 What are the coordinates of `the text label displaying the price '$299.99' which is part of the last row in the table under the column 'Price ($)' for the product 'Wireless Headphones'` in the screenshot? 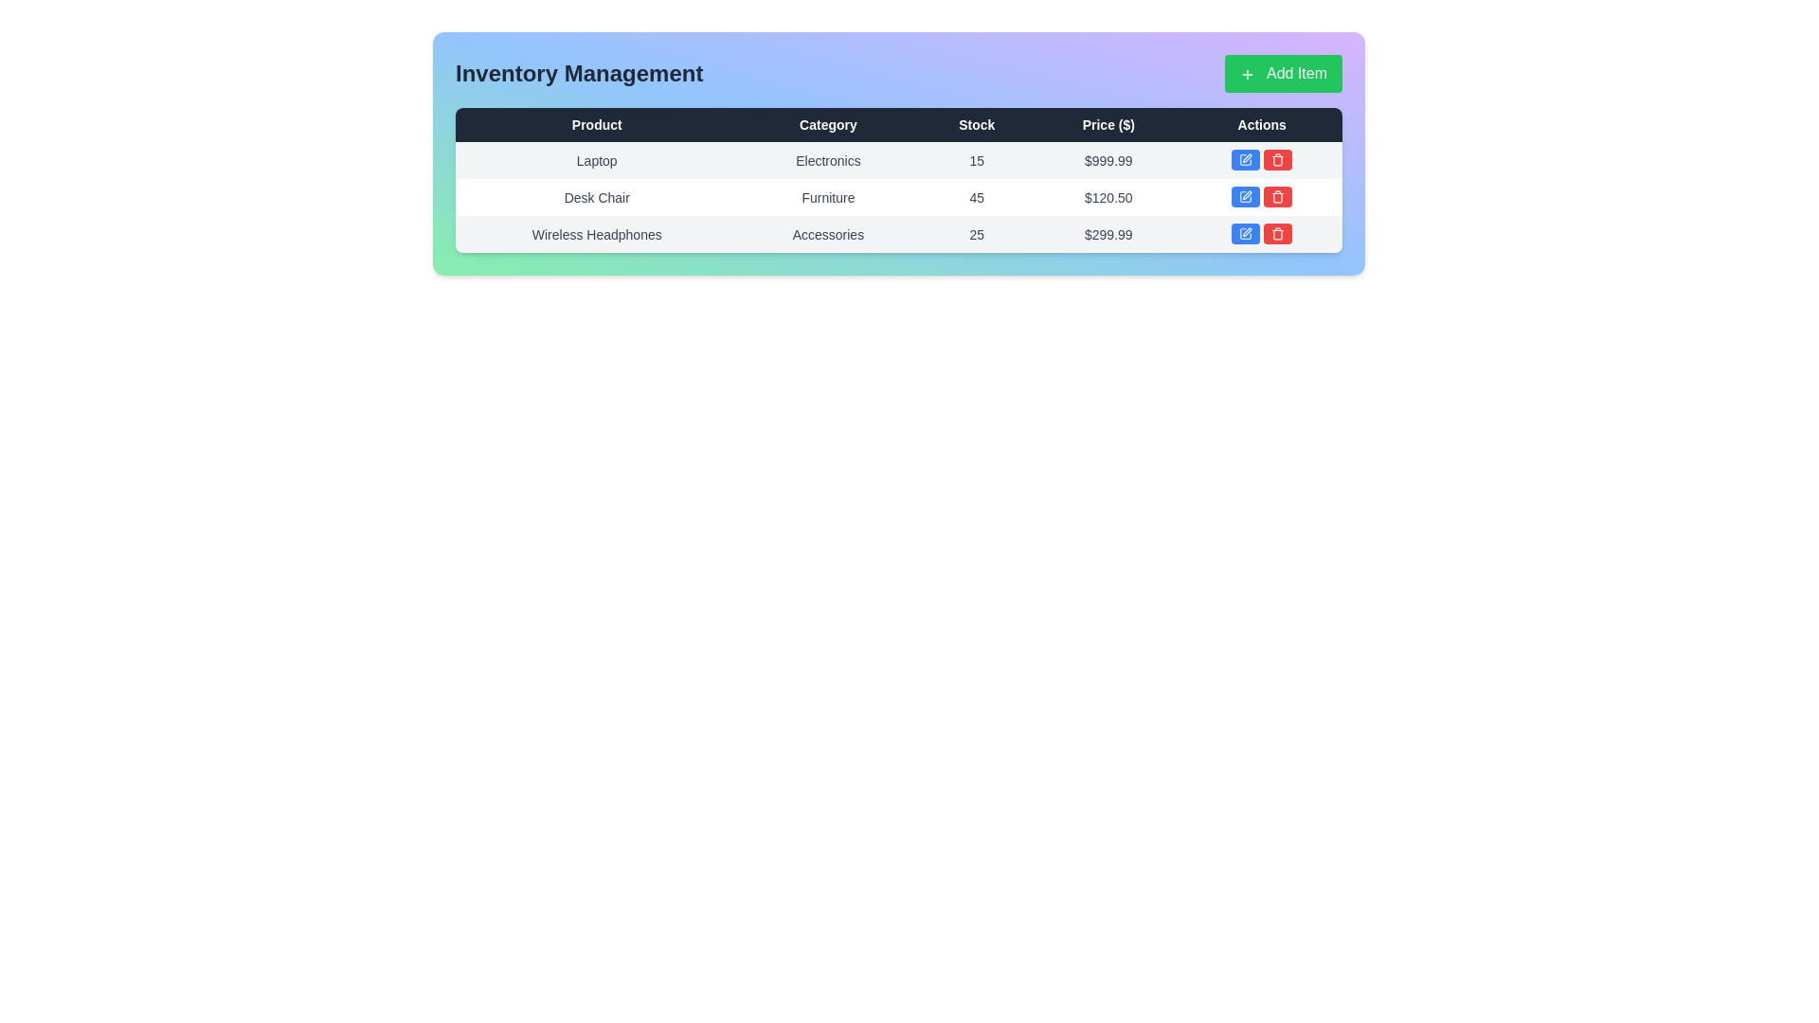 It's located at (1108, 233).